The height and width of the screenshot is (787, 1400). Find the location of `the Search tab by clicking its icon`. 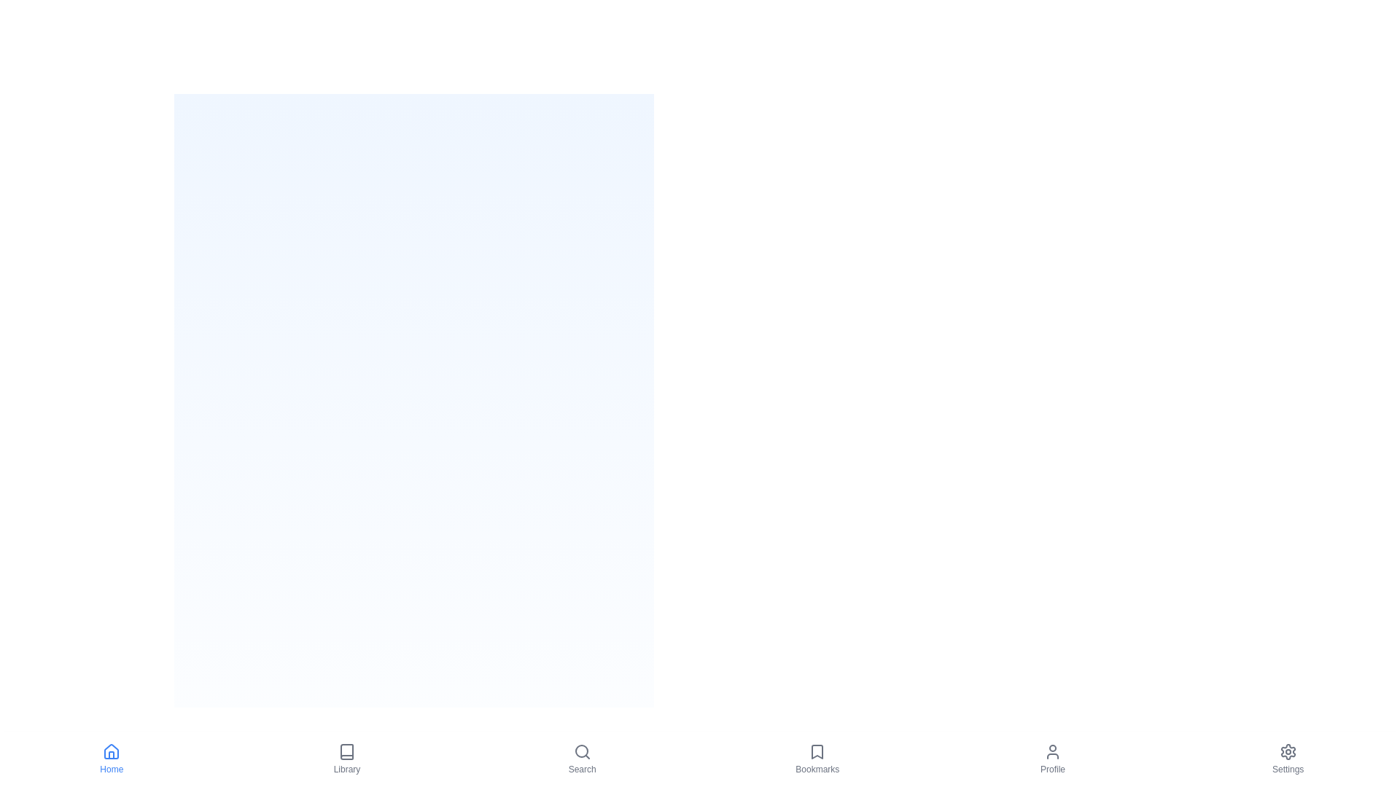

the Search tab by clicking its icon is located at coordinates (580, 758).